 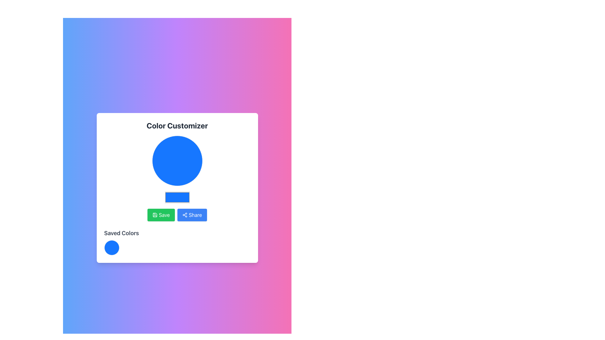 I want to click on the green rectangular 'Save' button with a floppy disk icon, so click(x=161, y=214).